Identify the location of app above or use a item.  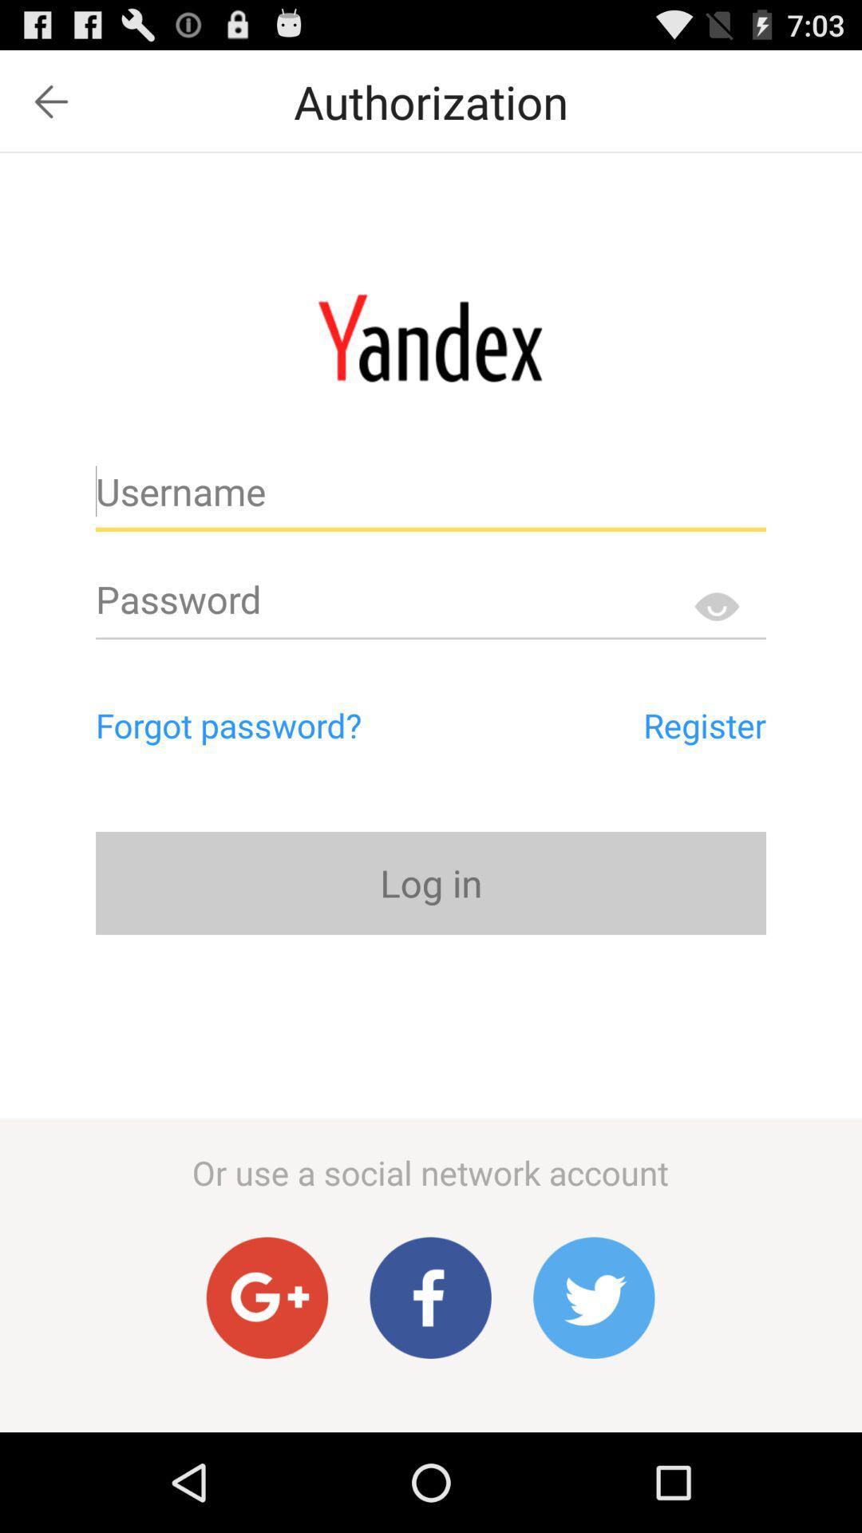
(431, 882).